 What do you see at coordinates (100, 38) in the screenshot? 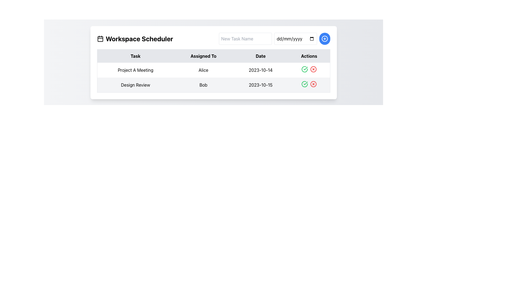
I see `the minimalist calendar icon located to the left of the 'Workspace Scheduler' text at the top-left corner of the interface` at bounding box center [100, 38].